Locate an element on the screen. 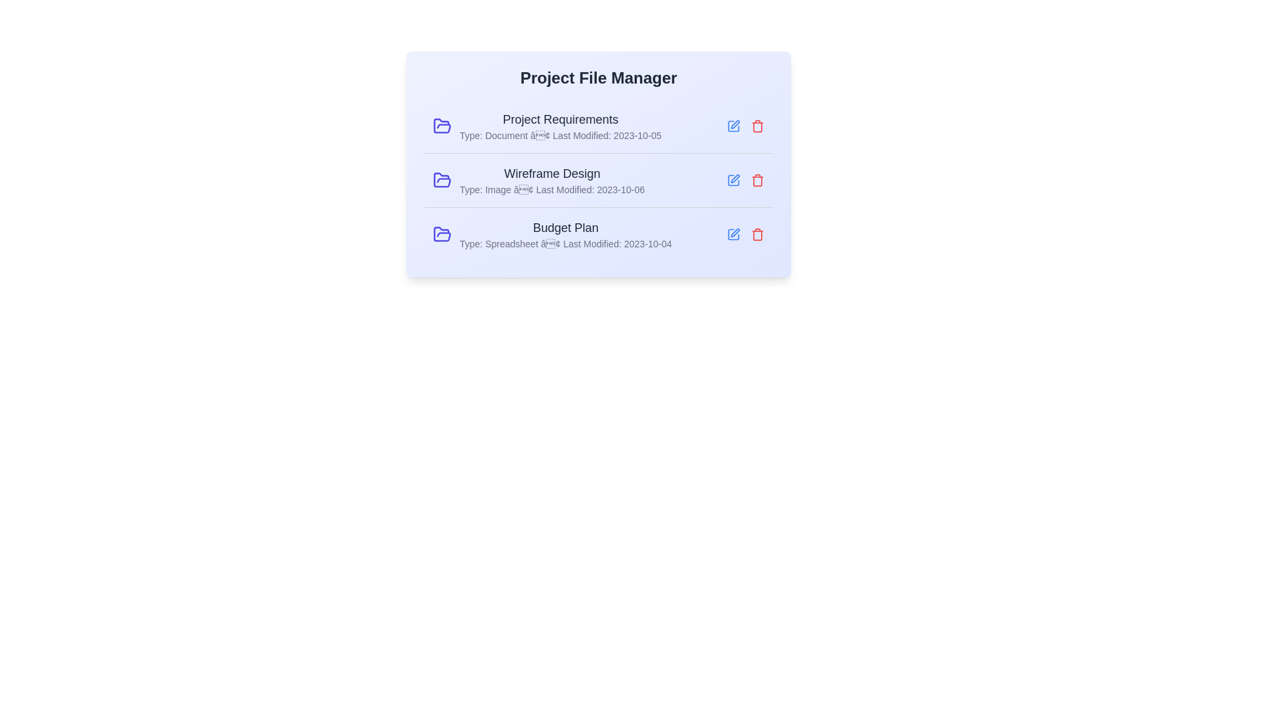 The image size is (1283, 722). the file named Budget Plan to view its details is located at coordinates (598, 233).